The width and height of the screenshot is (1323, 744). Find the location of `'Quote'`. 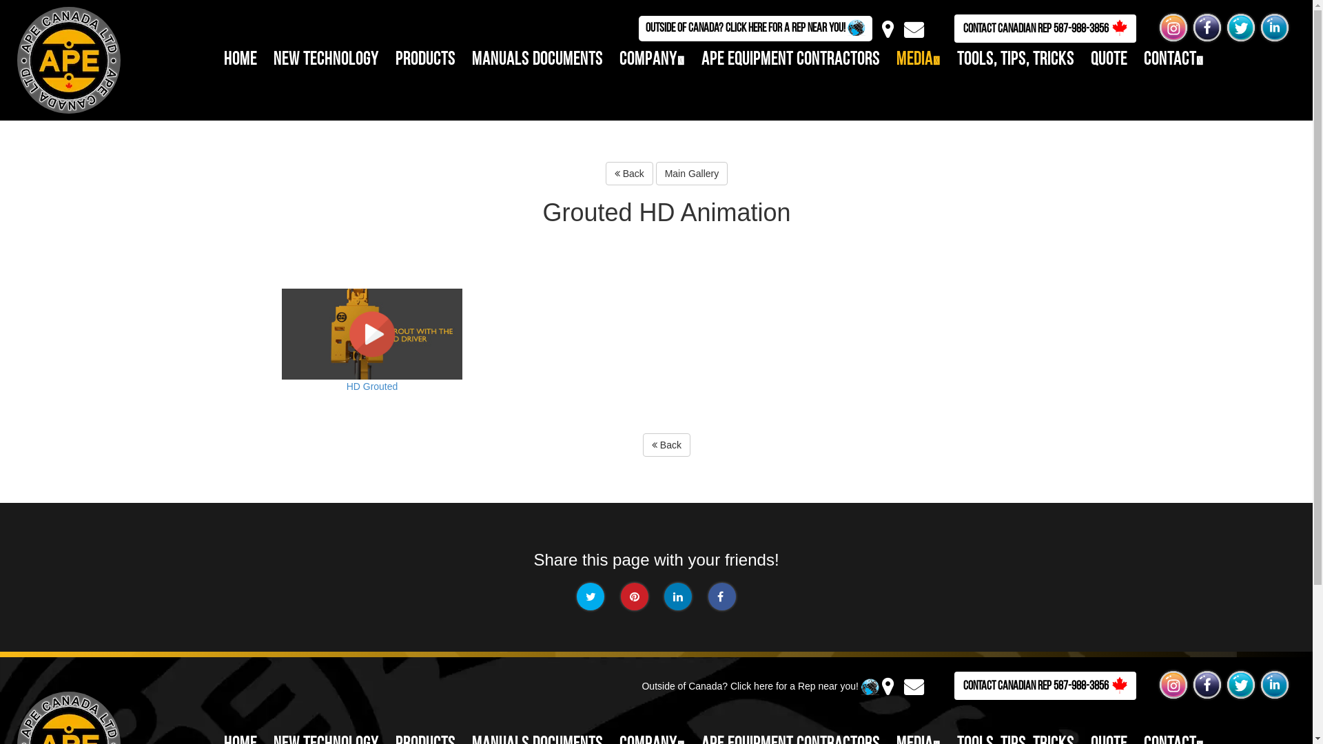

'Quote' is located at coordinates (1109, 59).